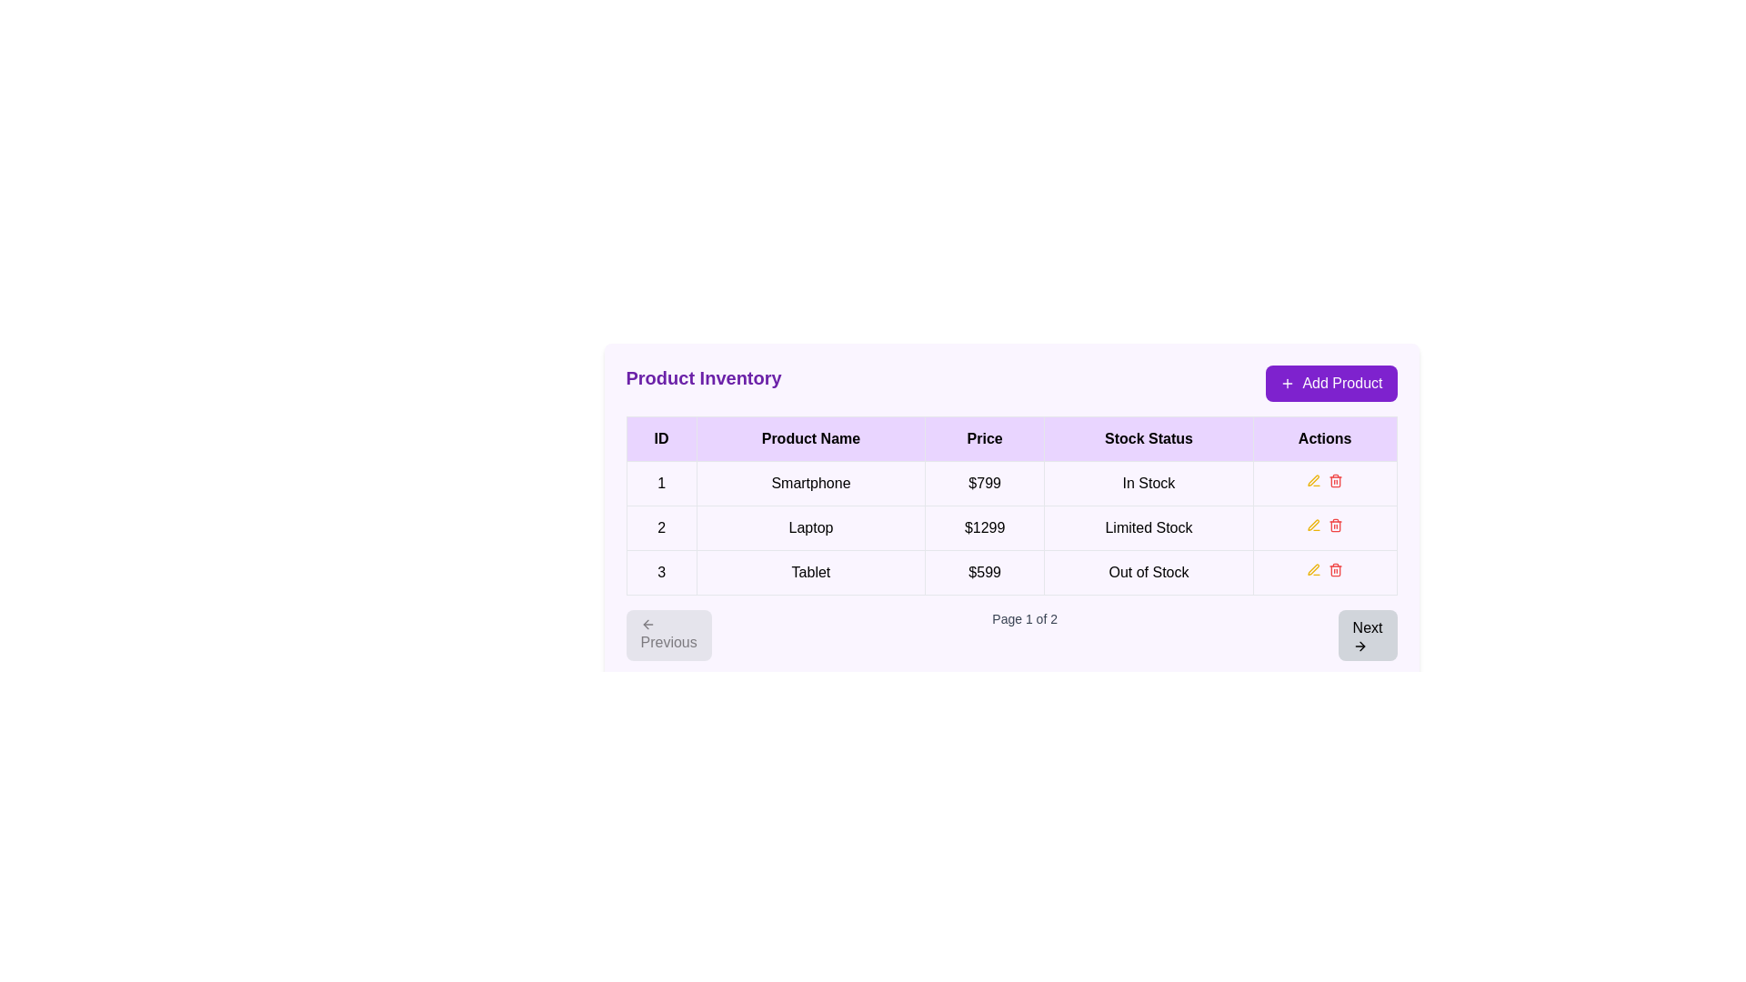 The image size is (1746, 982). I want to click on the table cell in the third row of the 'Product Inventory' table under the 'ID' column, which represents the unique identifier for a product entry, so click(660, 571).